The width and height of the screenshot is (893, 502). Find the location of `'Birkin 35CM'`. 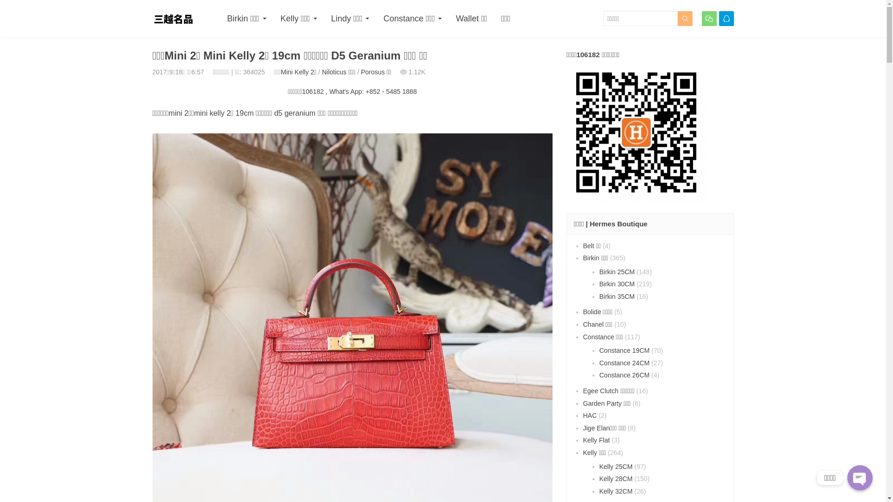

'Birkin 35CM' is located at coordinates (616, 296).